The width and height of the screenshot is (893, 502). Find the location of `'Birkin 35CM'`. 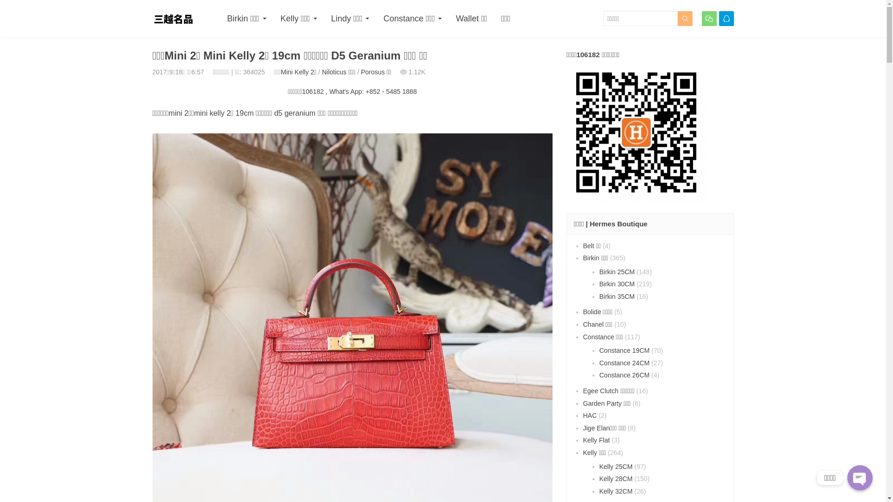

'Birkin 35CM' is located at coordinates (616, 296).